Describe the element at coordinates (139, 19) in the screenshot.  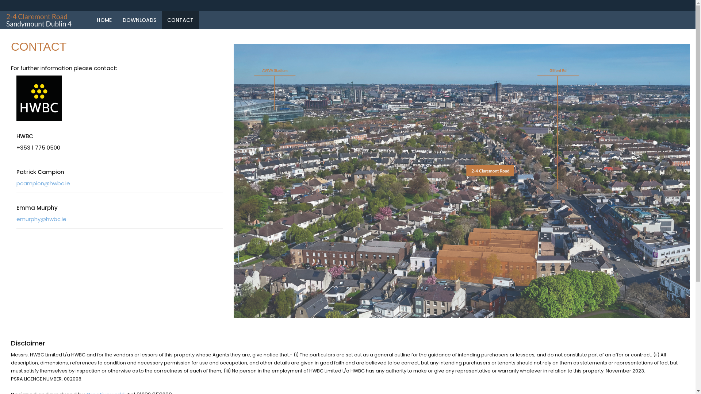
I see `'DOWNLOADS'` at that location.